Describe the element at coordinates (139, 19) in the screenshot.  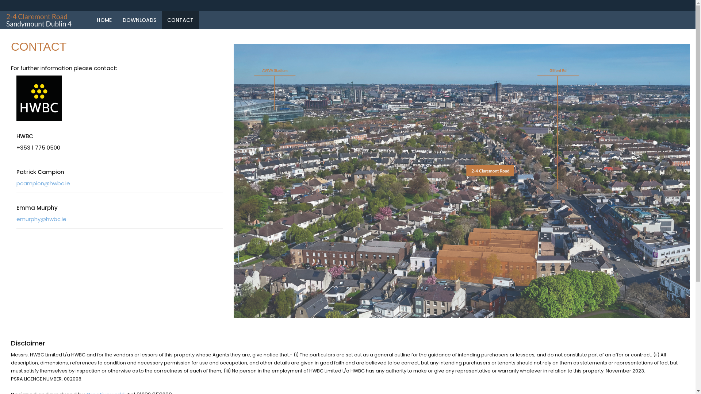
I see `'DOWNLOADS'` at that location.